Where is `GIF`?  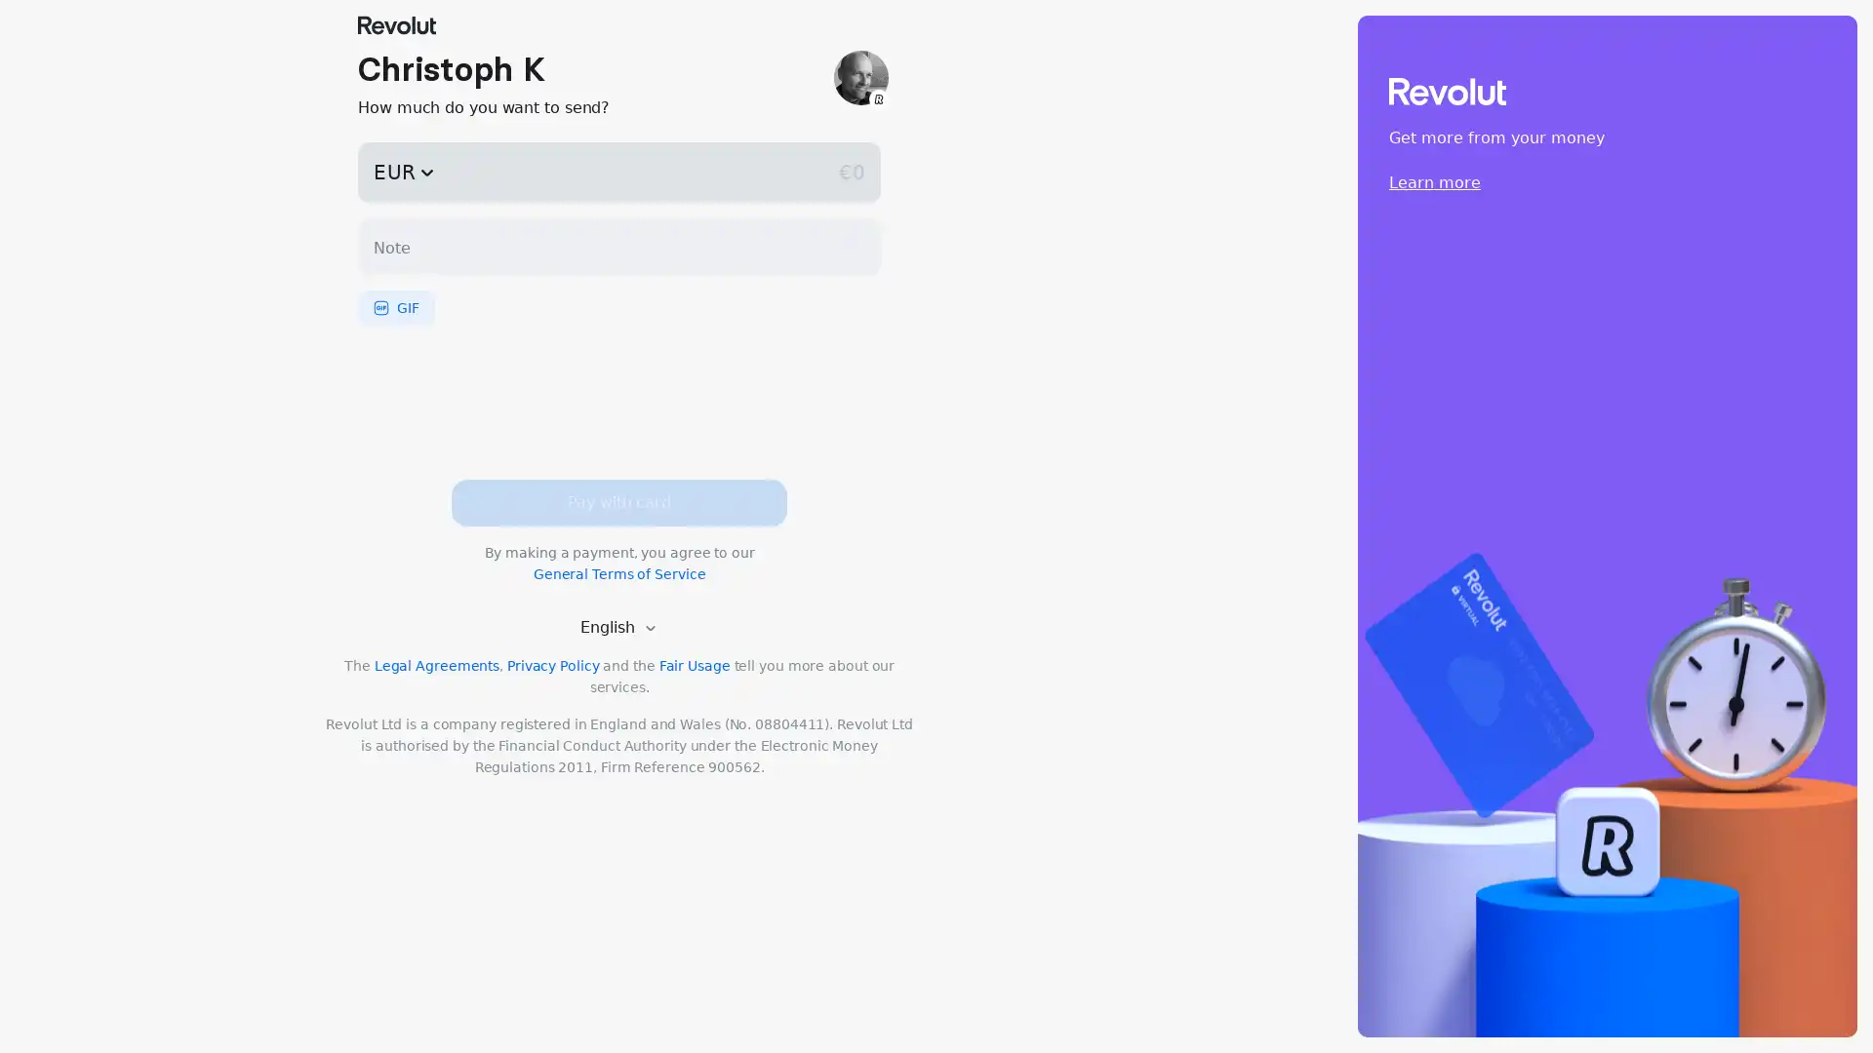
GIF is located at coordinates (395, 307).